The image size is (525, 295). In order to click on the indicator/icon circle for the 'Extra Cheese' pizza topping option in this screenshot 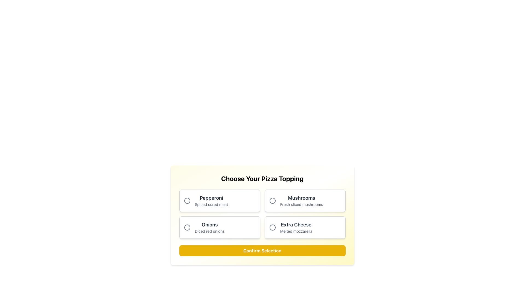, I will do `click(272, 228)`.